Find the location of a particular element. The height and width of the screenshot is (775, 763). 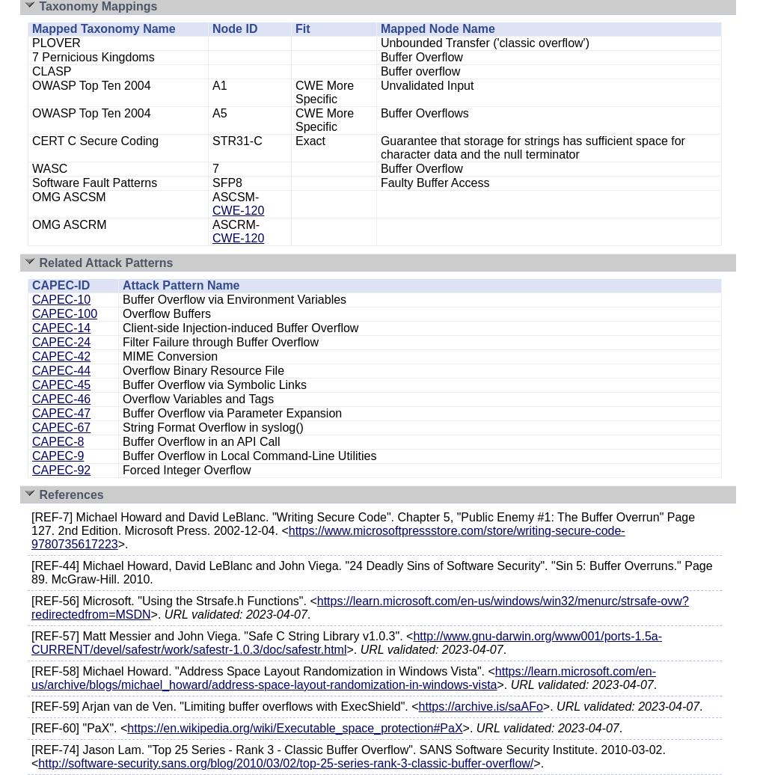

'https://learn.microsoft.com/en-us/windows/win32/menurc/strsafe-ovw?redirectedfrom=MSDN' is located at coordinates (360, 607).